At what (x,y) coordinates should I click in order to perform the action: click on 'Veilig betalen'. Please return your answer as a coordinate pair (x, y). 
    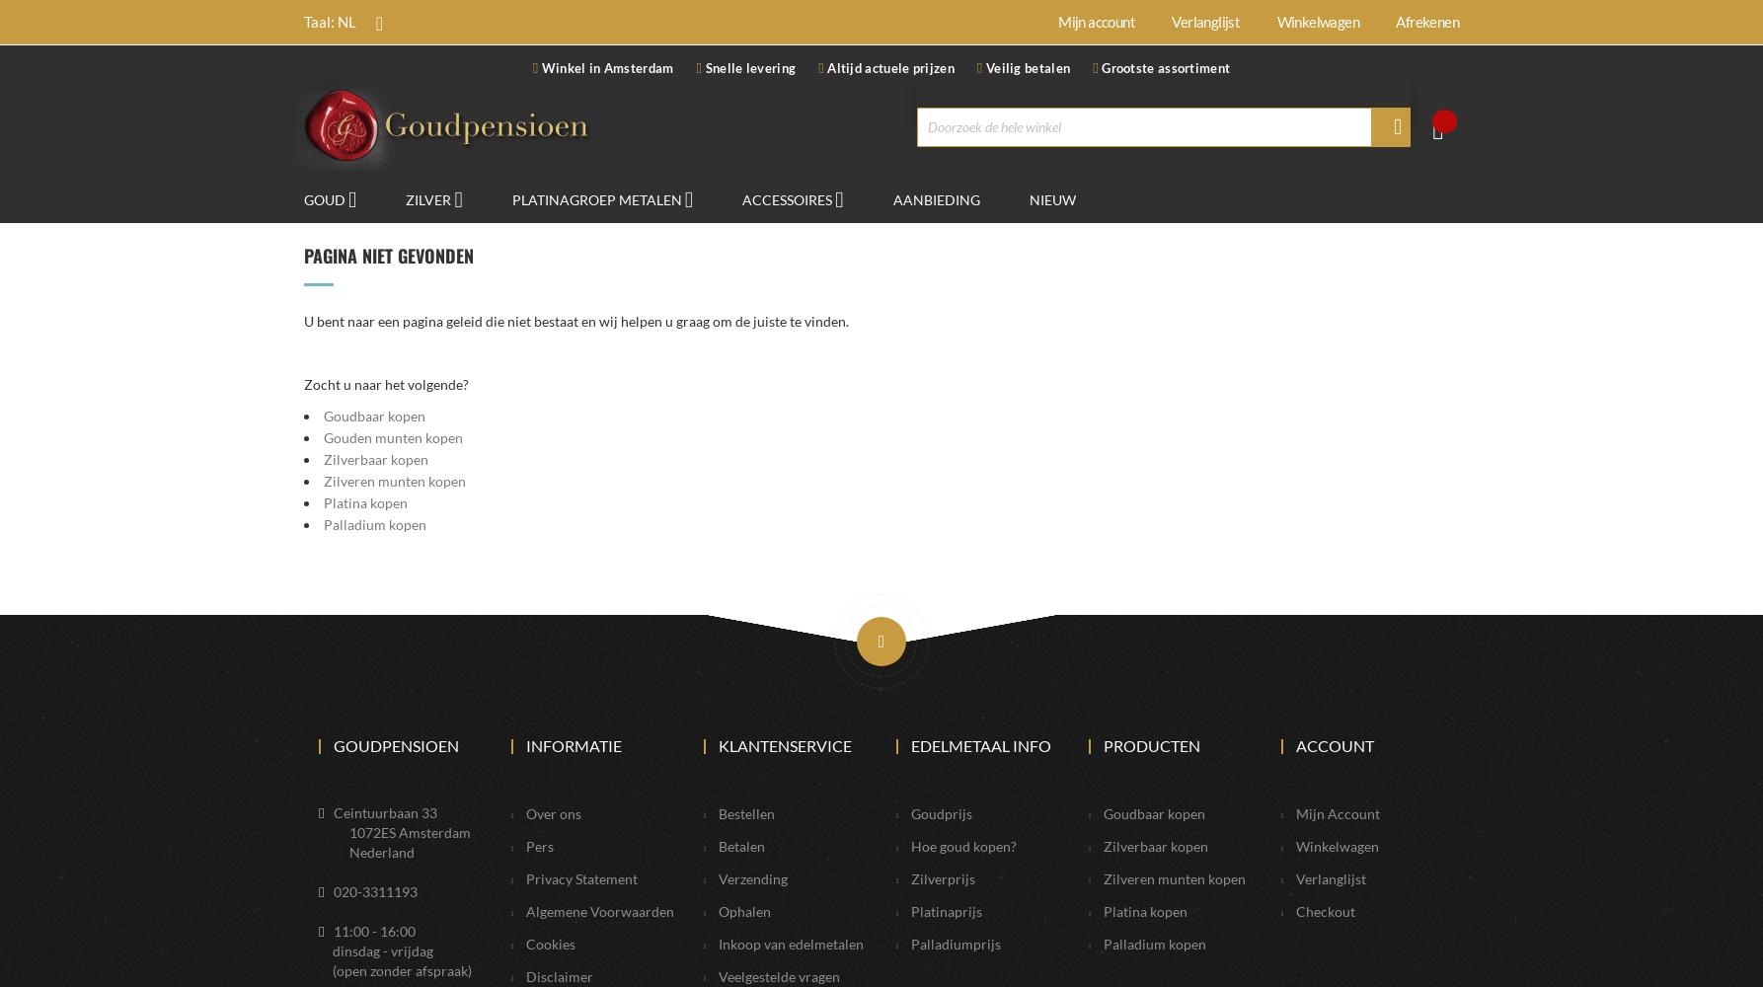
    Looking at the image, I should click on (1026, 67).